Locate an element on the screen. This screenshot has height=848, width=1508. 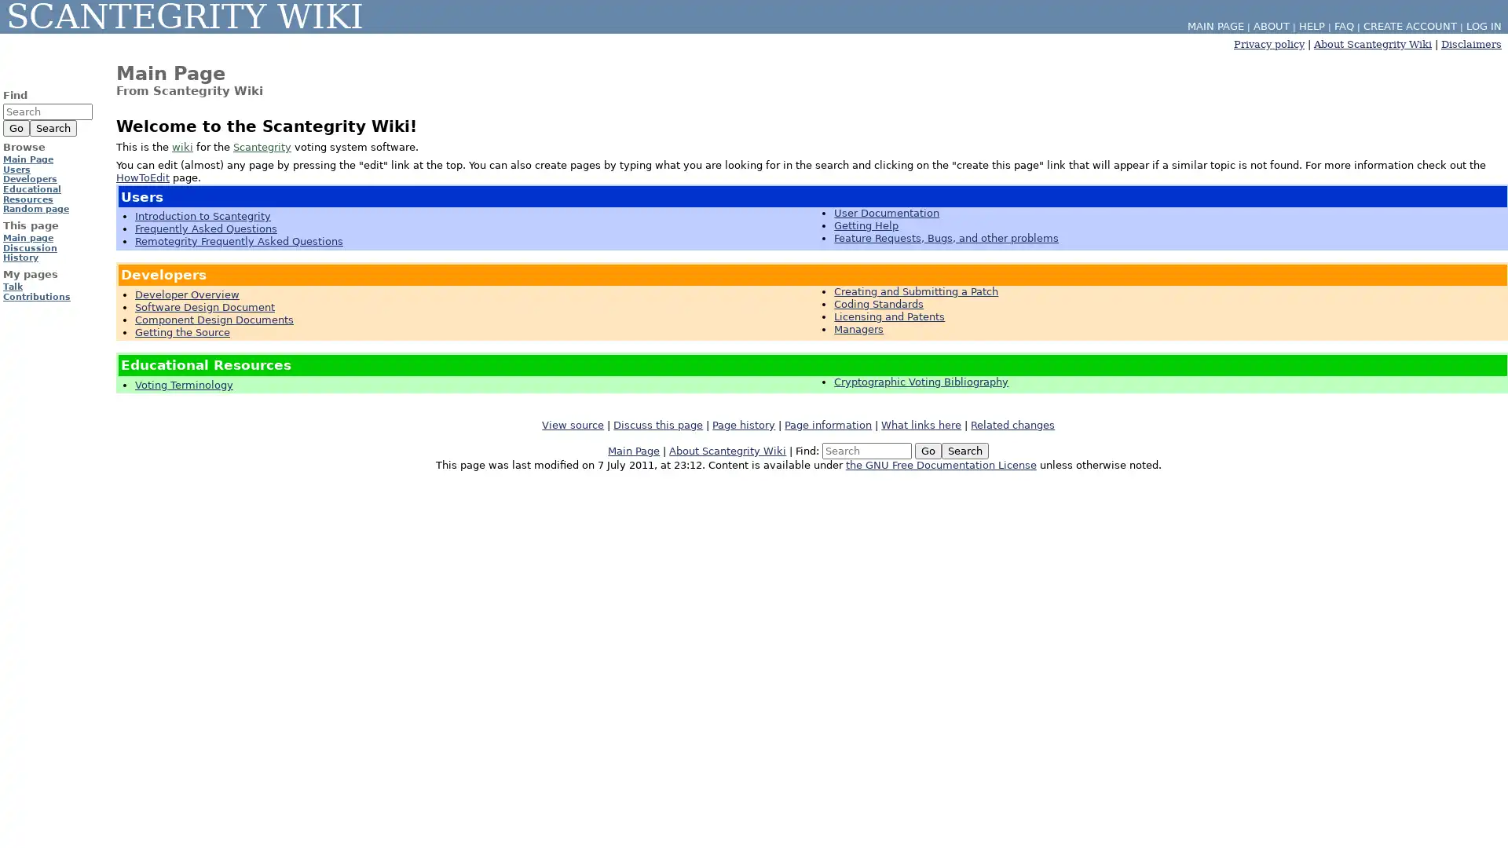
Go is located at coordinates (928, 450).